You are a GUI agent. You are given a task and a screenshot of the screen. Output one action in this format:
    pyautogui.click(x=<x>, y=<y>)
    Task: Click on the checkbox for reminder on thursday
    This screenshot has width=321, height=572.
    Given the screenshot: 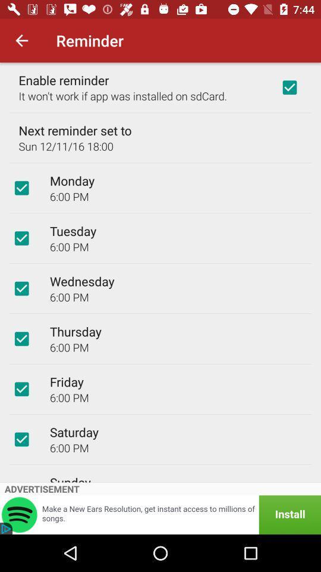 What is the action you would take?
    pyautogui.click(x=21, y=338)
    